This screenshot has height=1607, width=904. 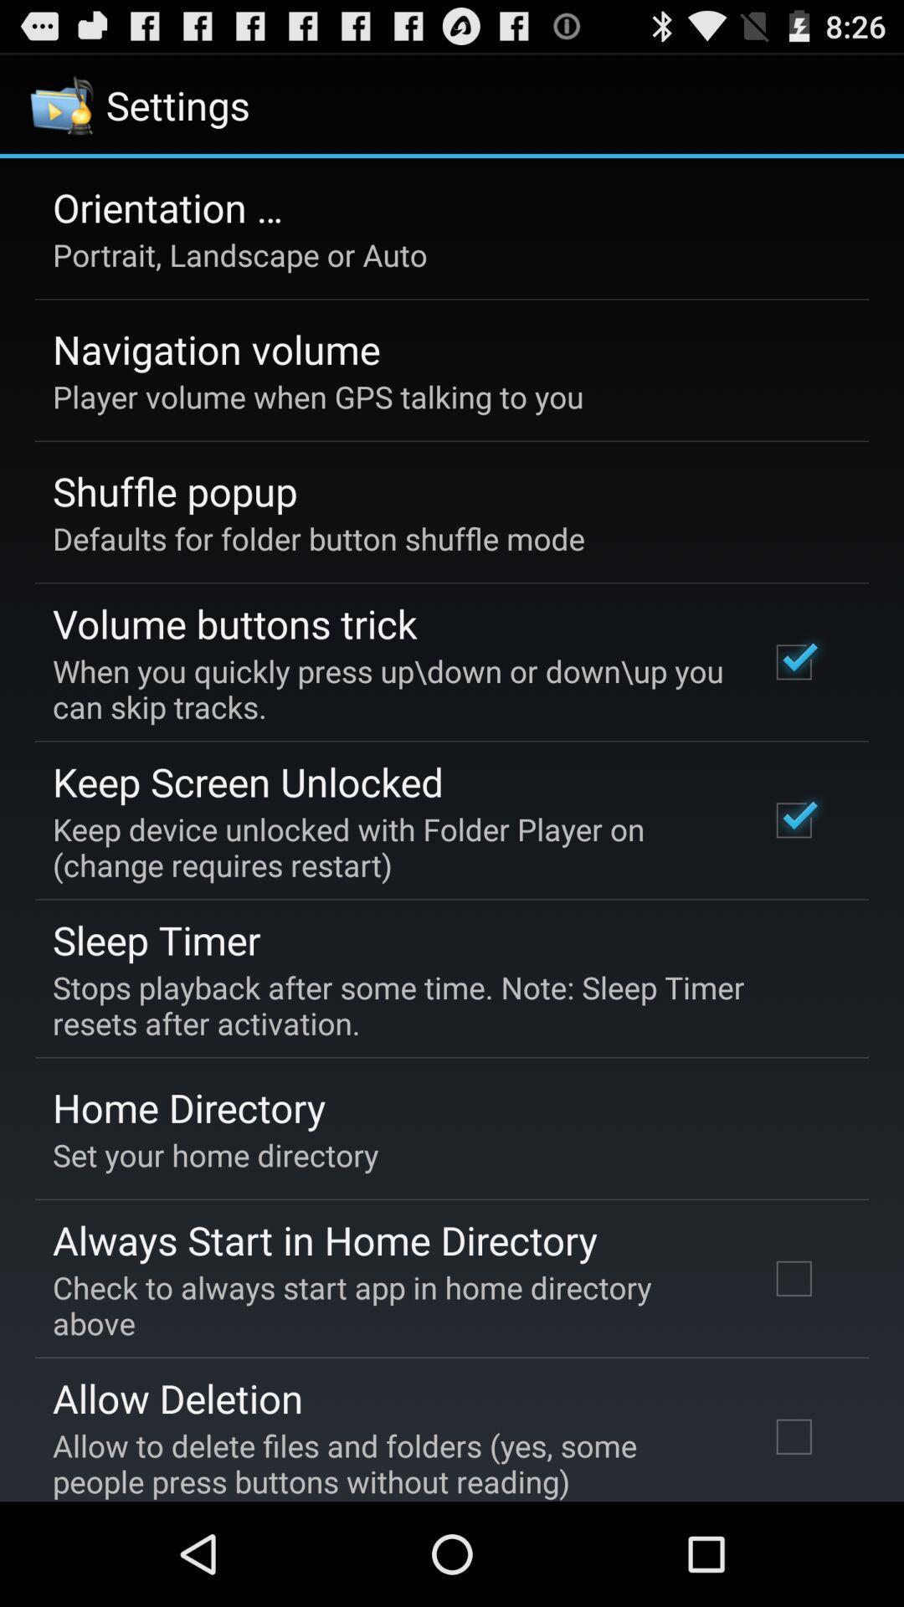 I want to click on the allow to delete, so click(x=388, y=1462).